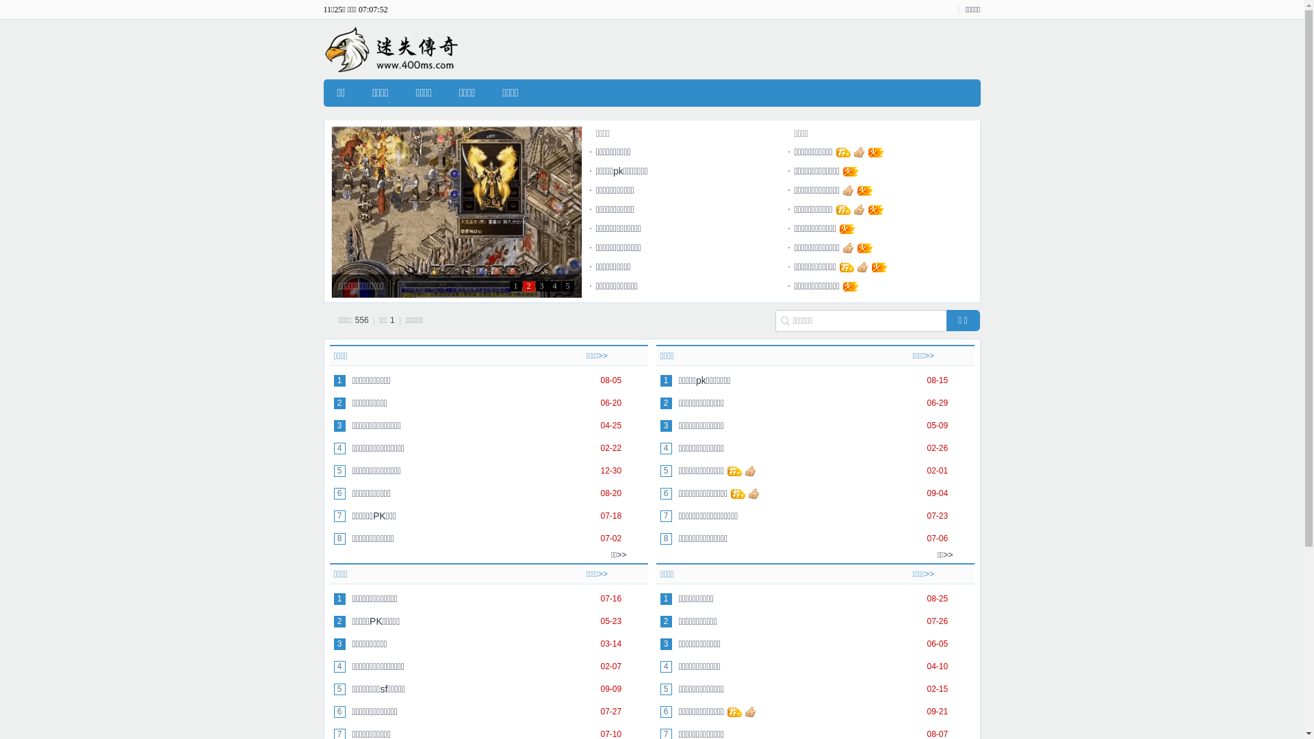  I want to click on '1', so click(508, 285).